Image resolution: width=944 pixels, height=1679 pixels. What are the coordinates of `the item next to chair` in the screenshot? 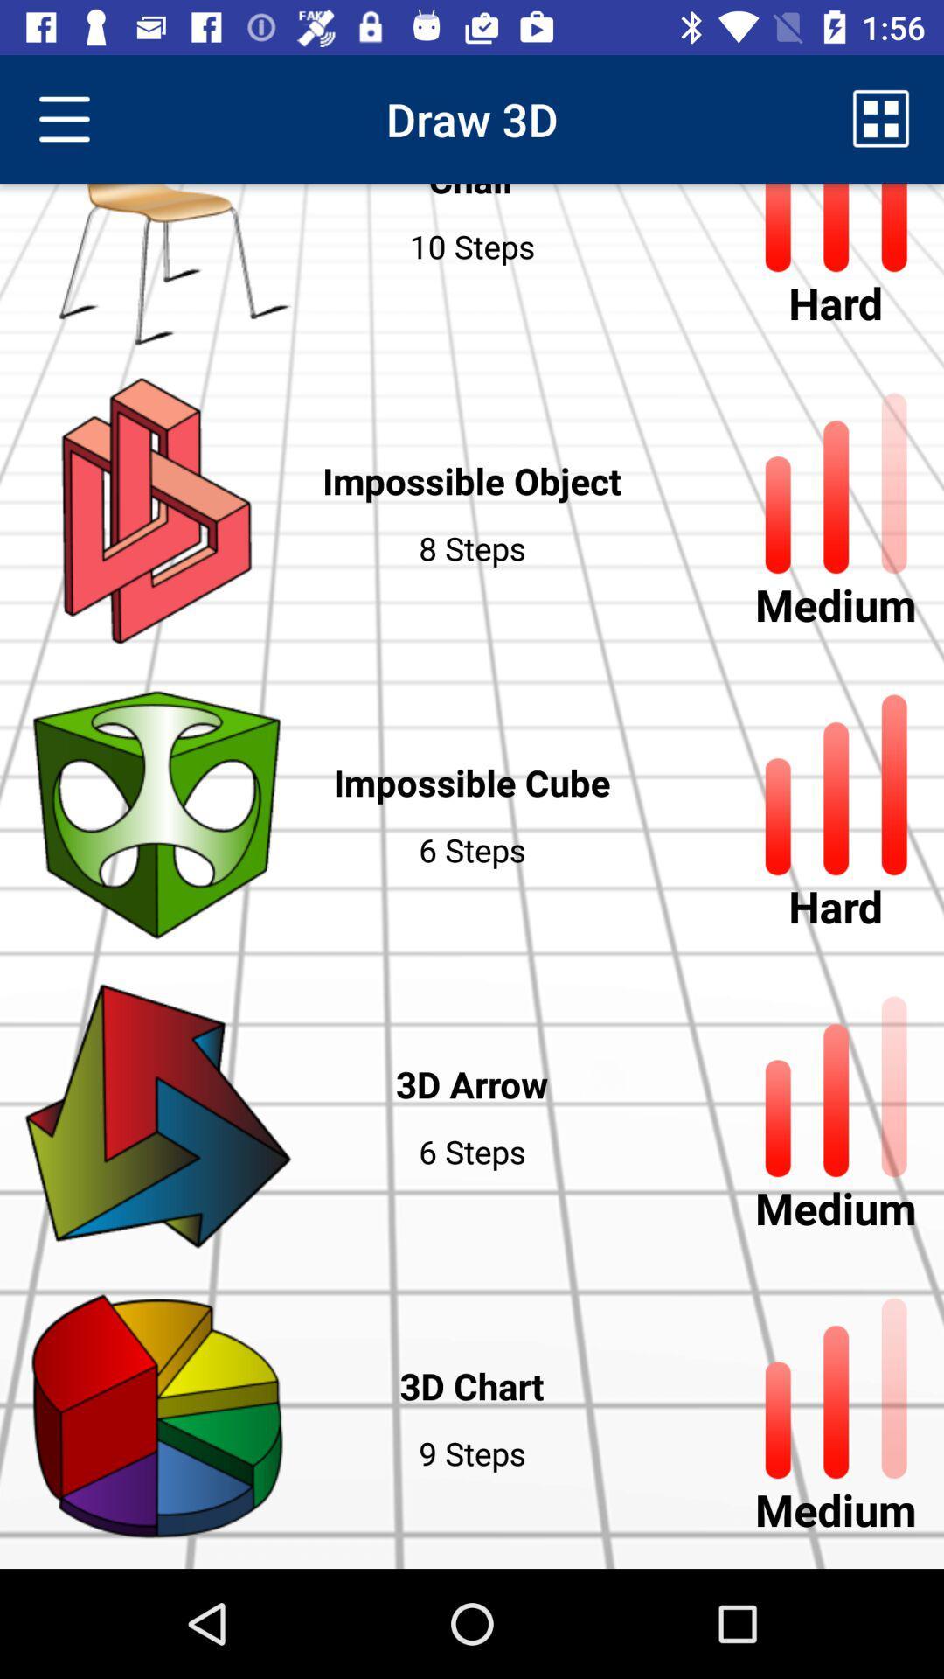 It's located at (881, 118).